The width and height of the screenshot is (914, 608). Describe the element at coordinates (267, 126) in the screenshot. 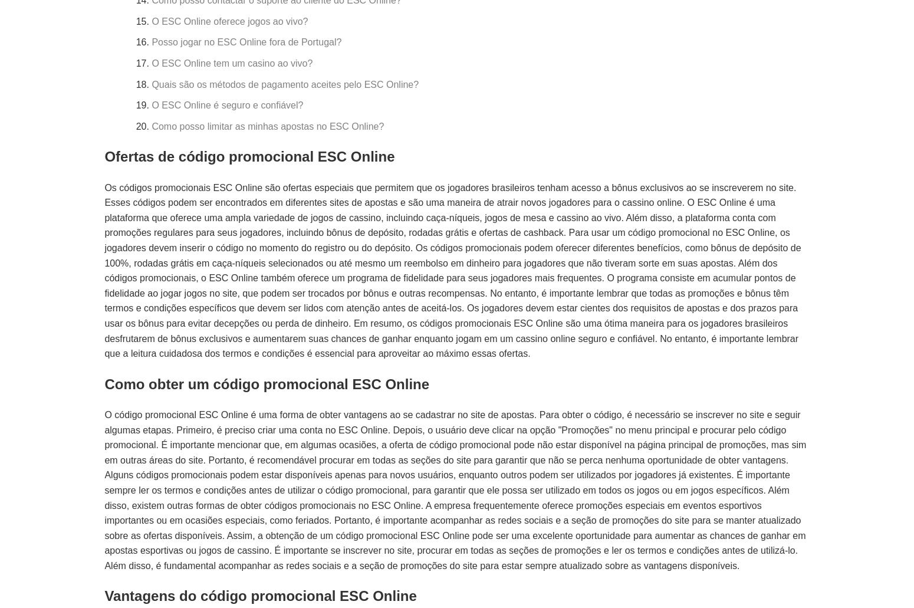

I see `'Como posso limitar as minhas apostas no ESC Online?'` at that location.